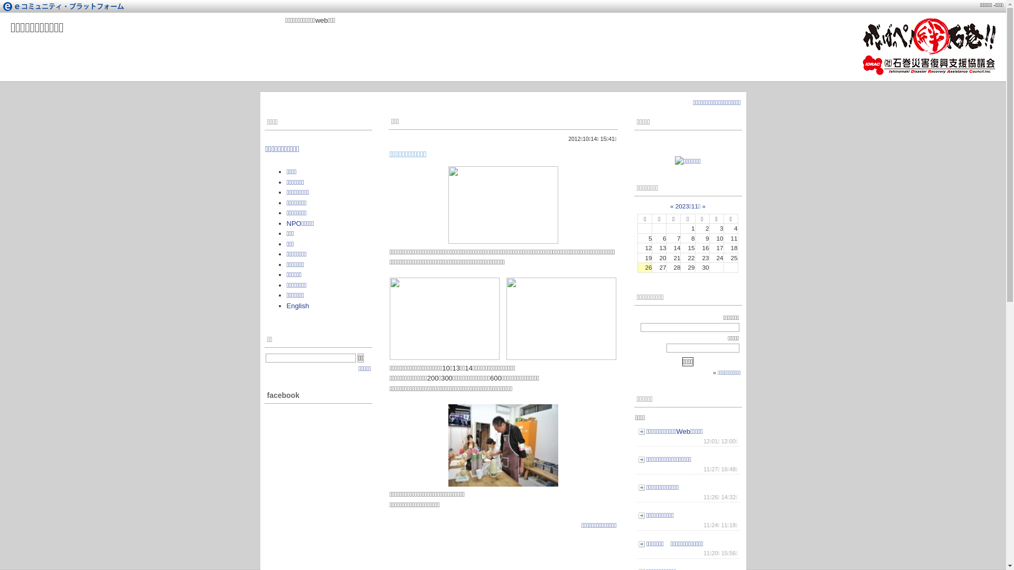  What do you see at coordinates (286, 306) in the screenshot?
I see `'English'` at bounding box center [286, 306].